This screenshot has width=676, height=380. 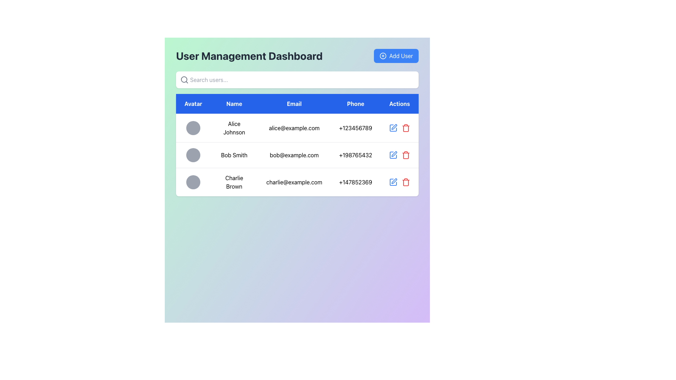 I want to click on the static text field displaying the phone number for user 'Charlie Brown', located in the 'Phone' column of the user details table, so click(x=356, y=182).